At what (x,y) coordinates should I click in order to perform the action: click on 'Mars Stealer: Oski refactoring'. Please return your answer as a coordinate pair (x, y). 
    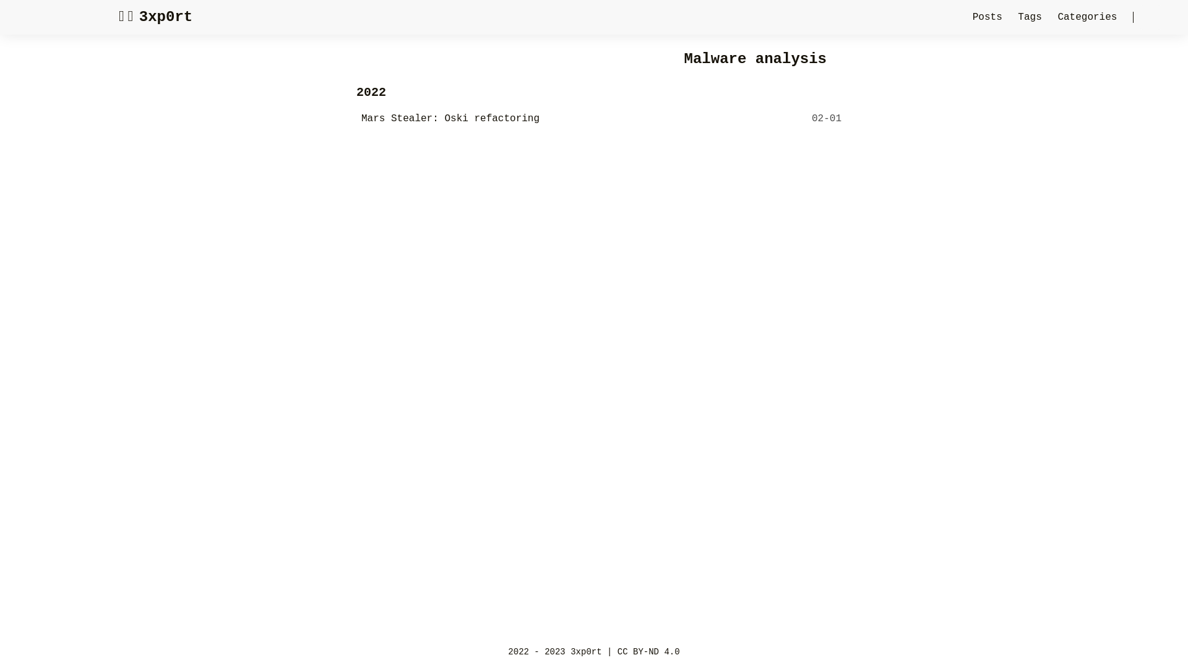
    Looking at the image, I should click on (450, 119).